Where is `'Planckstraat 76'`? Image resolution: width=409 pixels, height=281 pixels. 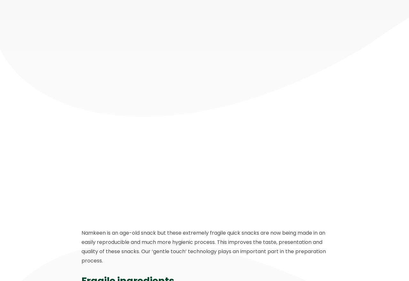
'Planckstraat 76' is located at coordinates (103, 221).